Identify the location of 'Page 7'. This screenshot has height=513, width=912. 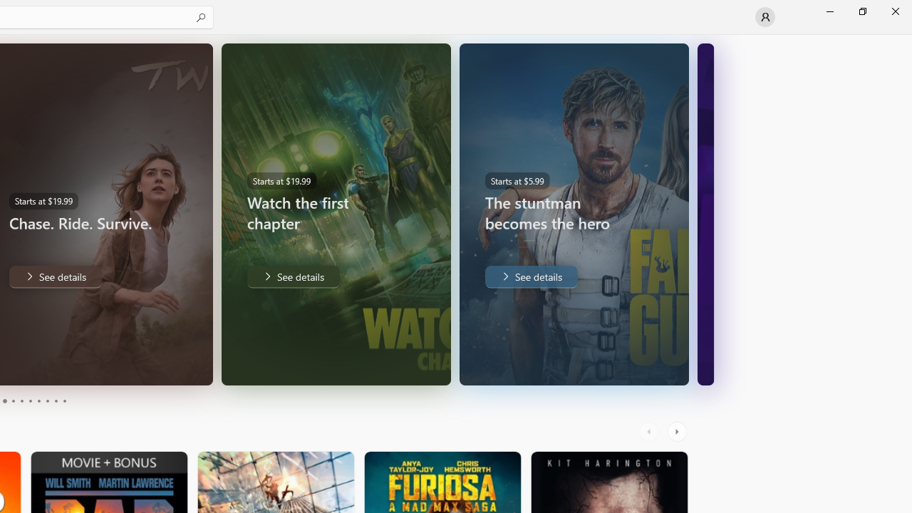
(38, 401).